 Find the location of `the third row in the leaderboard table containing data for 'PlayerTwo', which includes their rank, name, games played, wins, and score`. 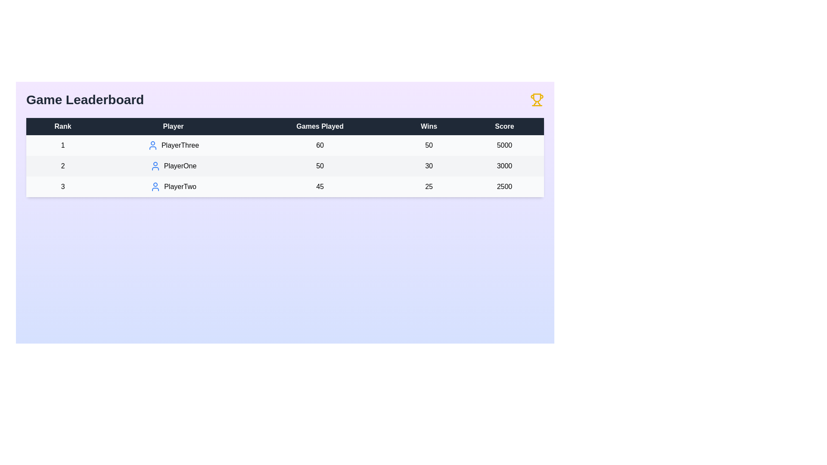

the third row in the leaderboard table containing data for 'PlayerTwo', which includes their rank, name, games played, wins, and score is located at coordinates (285, 186).